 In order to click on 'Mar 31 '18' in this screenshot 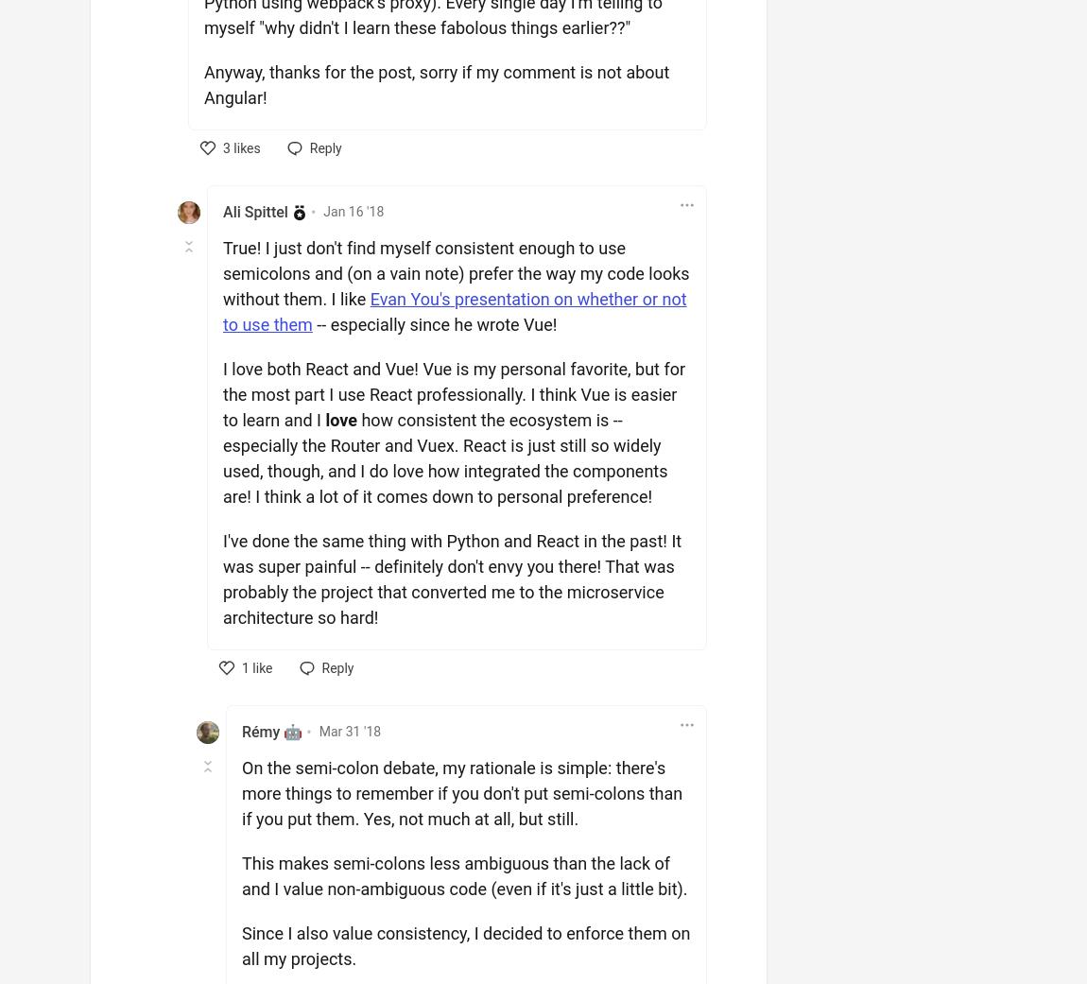, I will do `click(349, 731)`.